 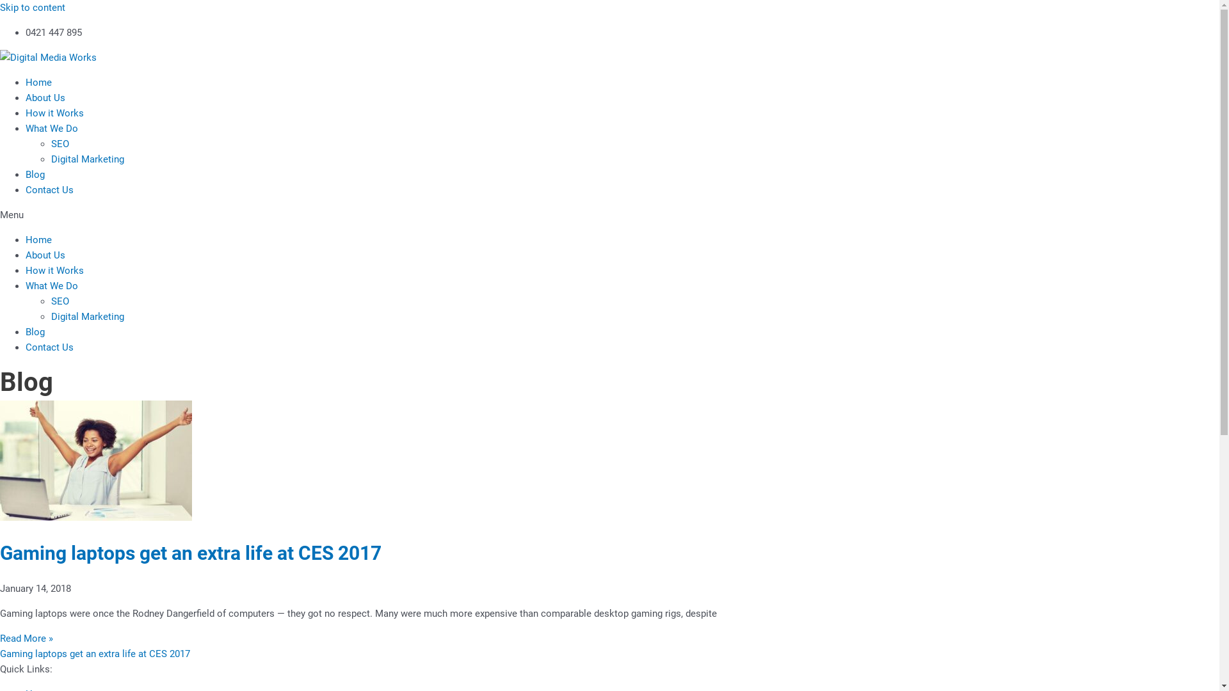 What do you see at coordinates (189, 552) in the screenshot?
I see `'Gaming laptops get an extra life at CES 2017'` at bounding box center [189, 552].